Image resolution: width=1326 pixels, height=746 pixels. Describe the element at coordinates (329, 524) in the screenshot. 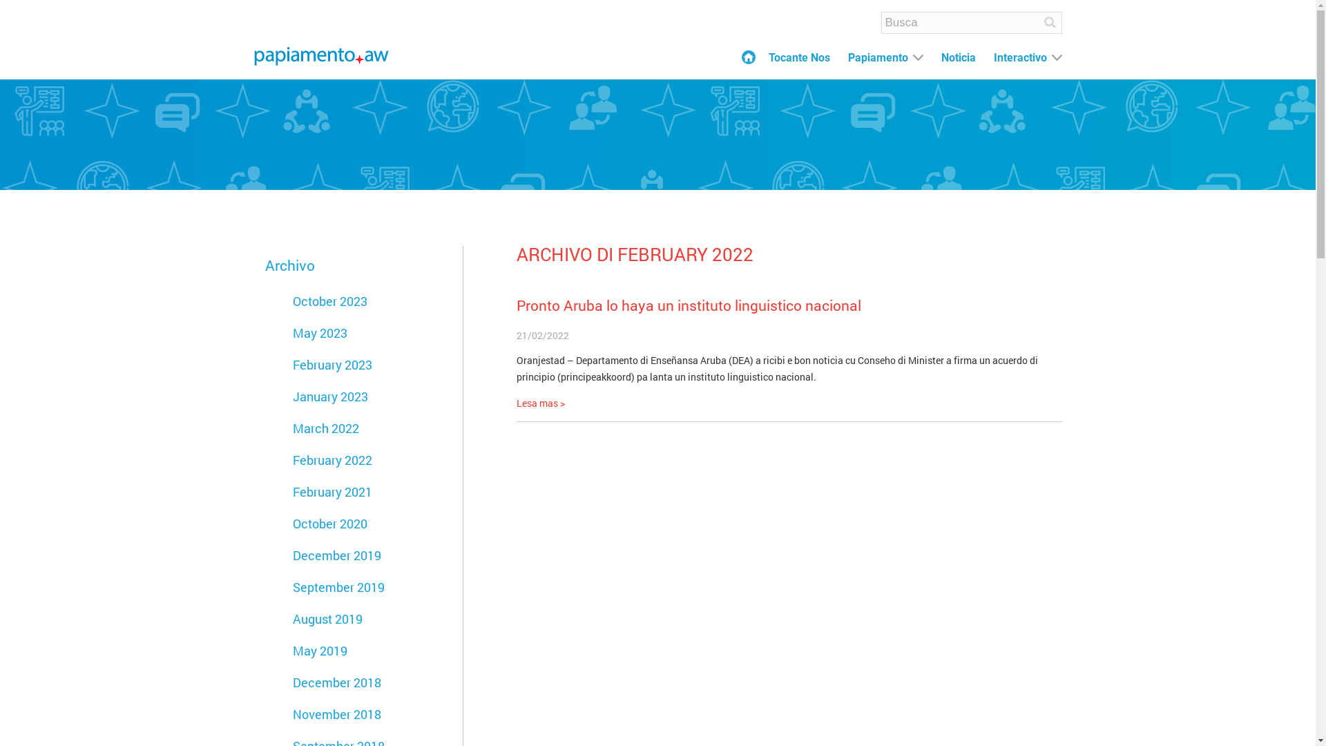

I see `'October 2020'` at that location.